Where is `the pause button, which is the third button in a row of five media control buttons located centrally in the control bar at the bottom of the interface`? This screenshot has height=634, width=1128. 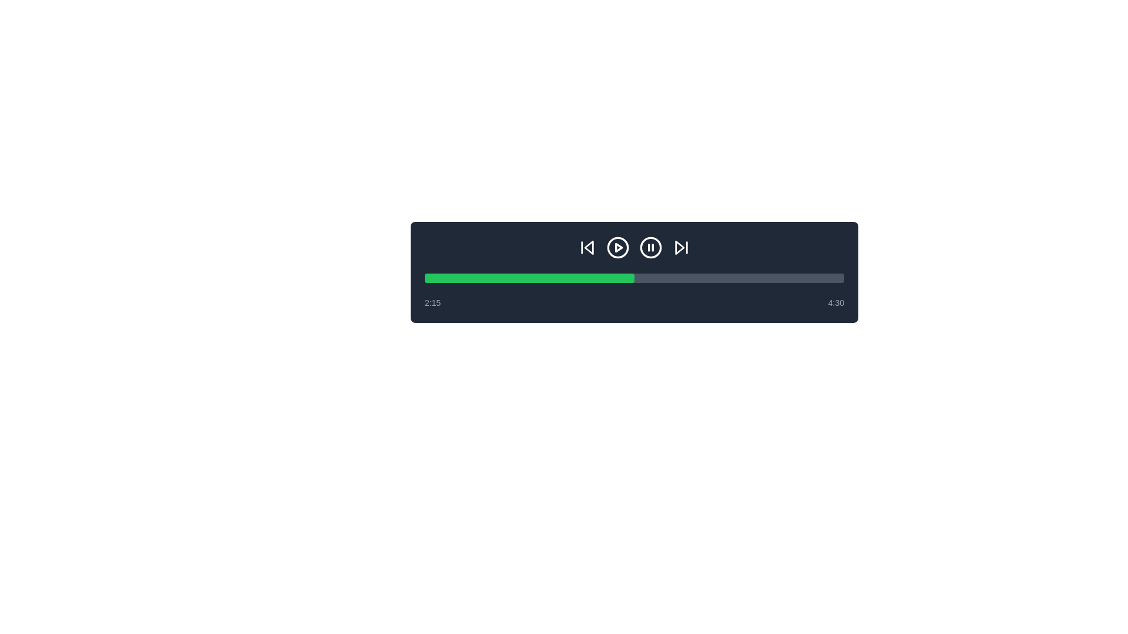
the pause button, which is the third button in a row of five media control buttons located centrally in the control bar at the bottom of the interface is located at coordinates (650, 247).